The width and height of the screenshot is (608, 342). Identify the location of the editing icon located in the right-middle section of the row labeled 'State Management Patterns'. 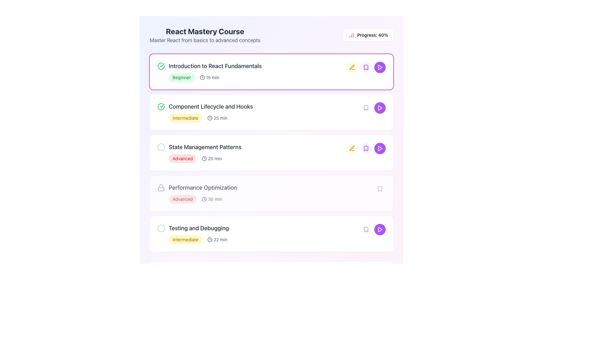
(351, 67).